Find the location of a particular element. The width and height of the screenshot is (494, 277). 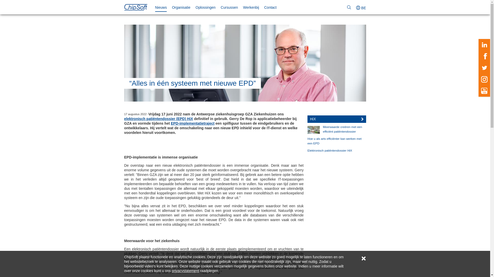

'Twitter' is located at coordinates (484, 67).